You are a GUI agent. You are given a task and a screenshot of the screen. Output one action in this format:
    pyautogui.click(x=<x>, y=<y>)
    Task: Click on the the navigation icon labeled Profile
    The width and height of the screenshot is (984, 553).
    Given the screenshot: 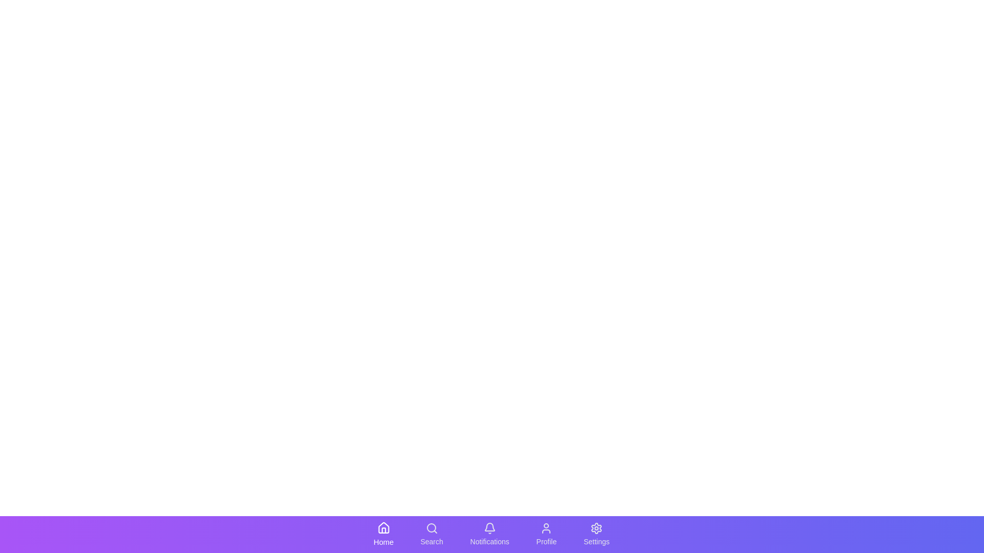 What is the action you would take?
    pyautogui.click(x=545, y=534)
    